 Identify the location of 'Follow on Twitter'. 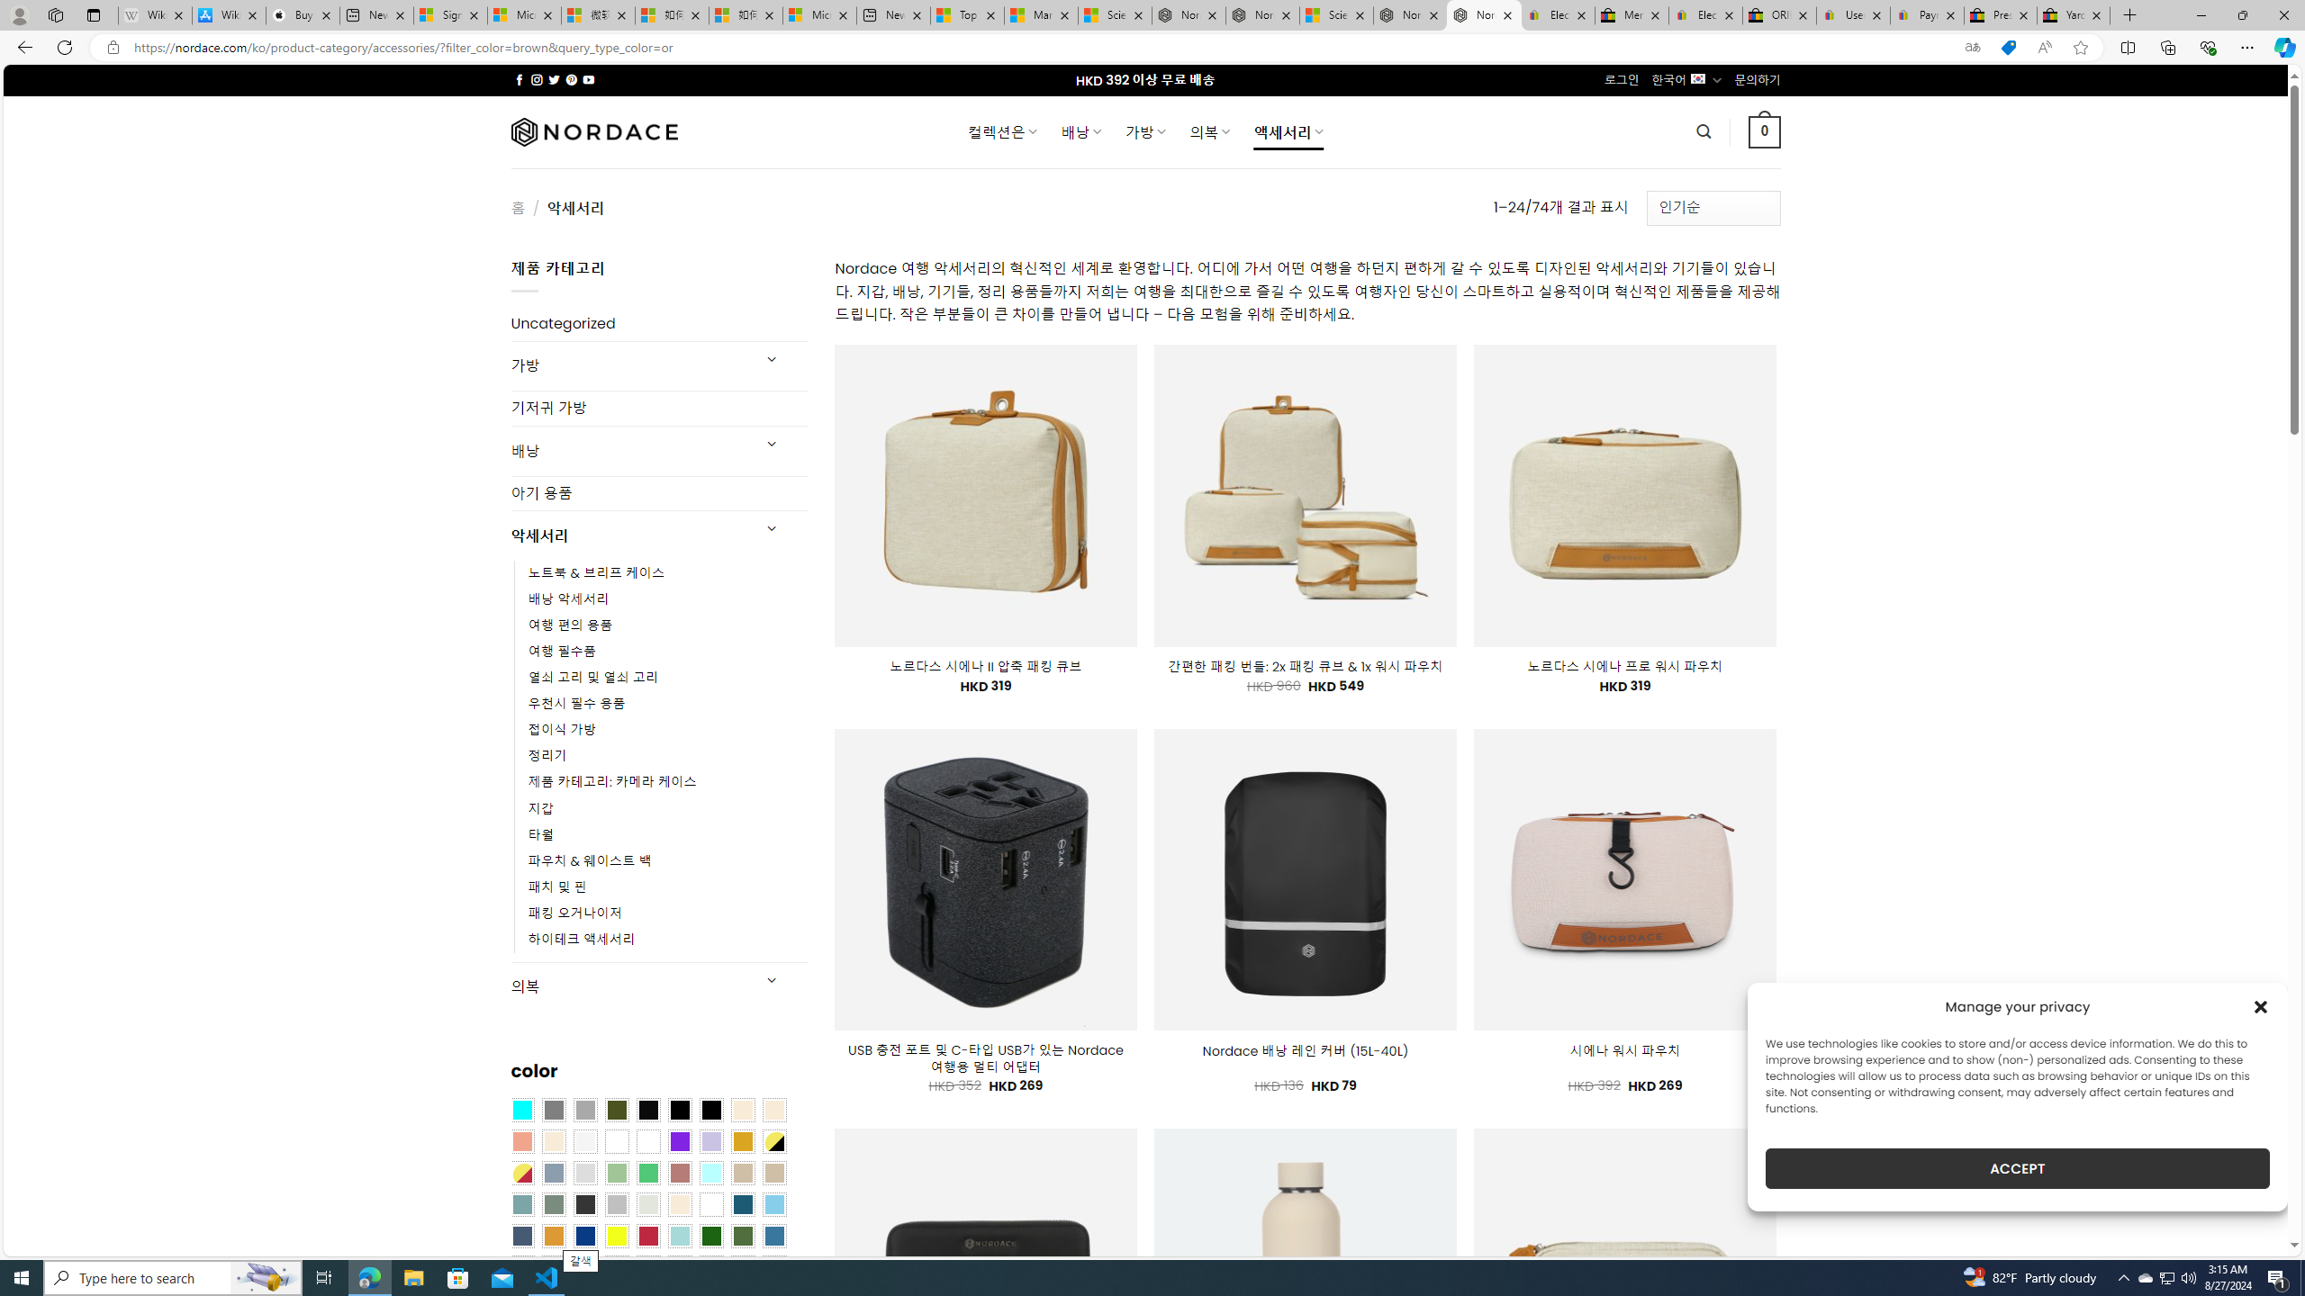
(554, 79).